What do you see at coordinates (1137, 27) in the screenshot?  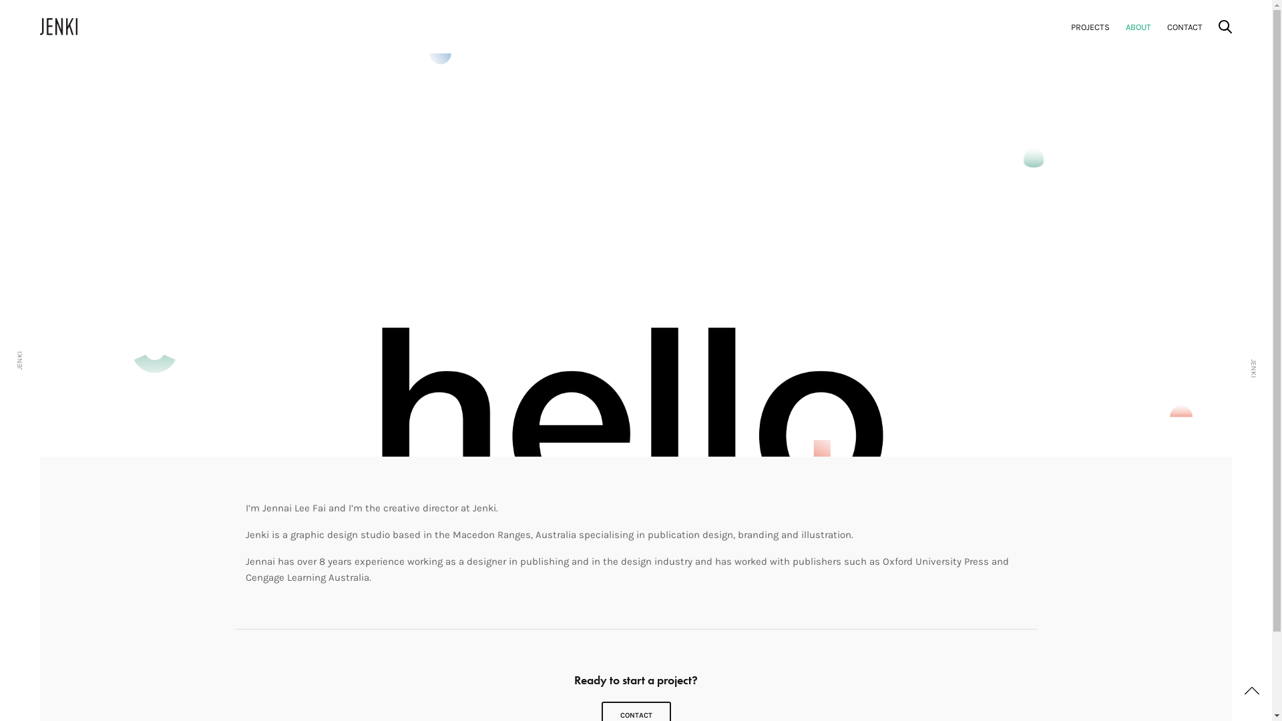 I see `'ABOUT'` at bounding box center [1137, 27].